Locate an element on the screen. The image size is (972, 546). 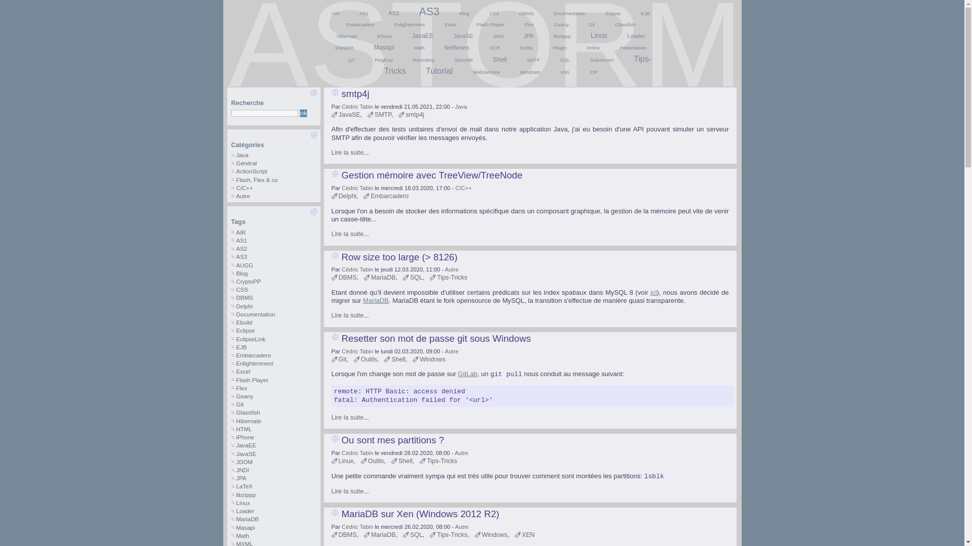
'AUGG' is located at coordinates (235, 264).